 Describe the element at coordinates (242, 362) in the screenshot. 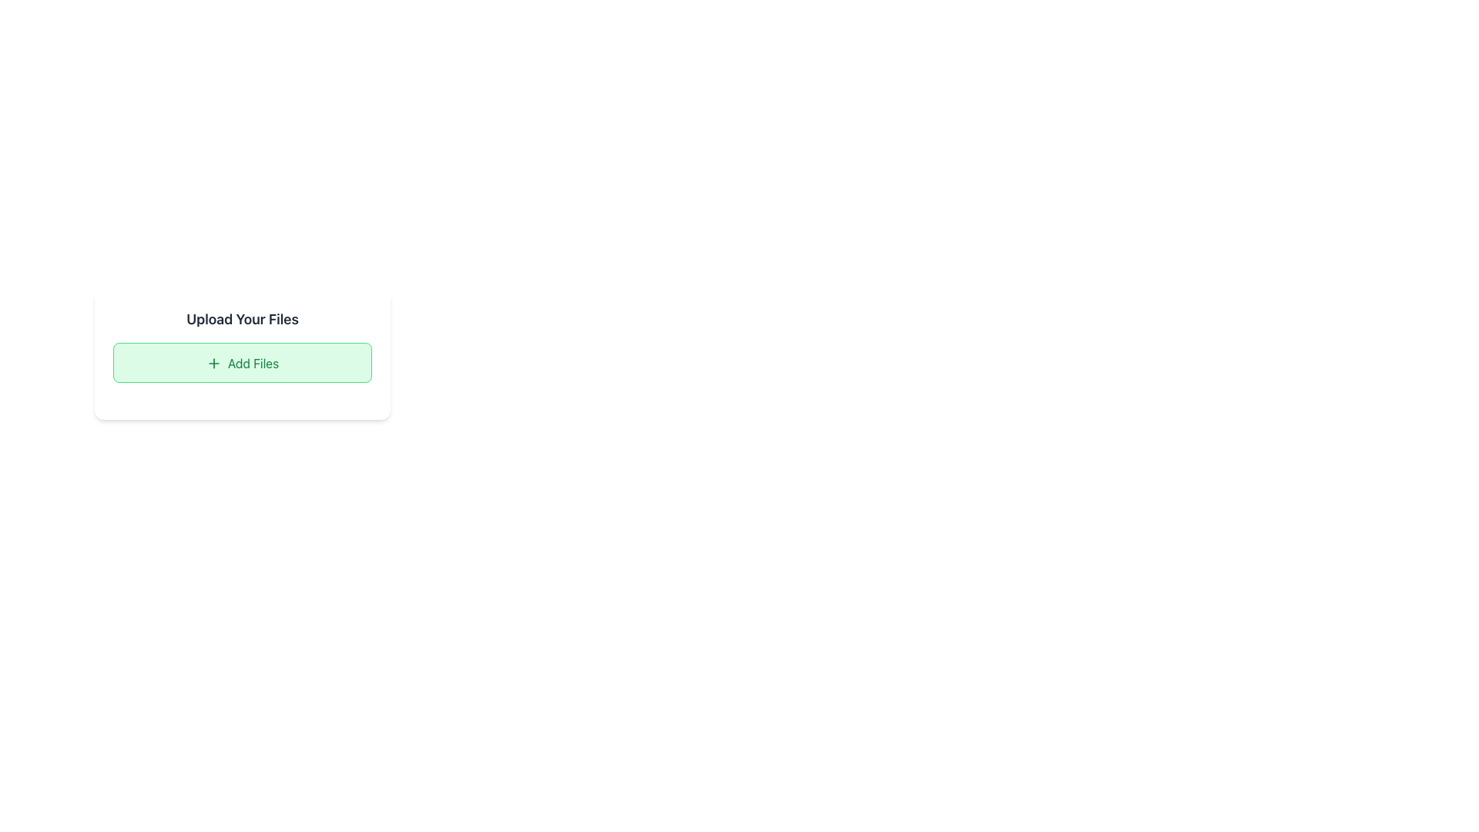

I see `the 'Add Files' button, which is a rectangular button with a green background and a green border` at that location.